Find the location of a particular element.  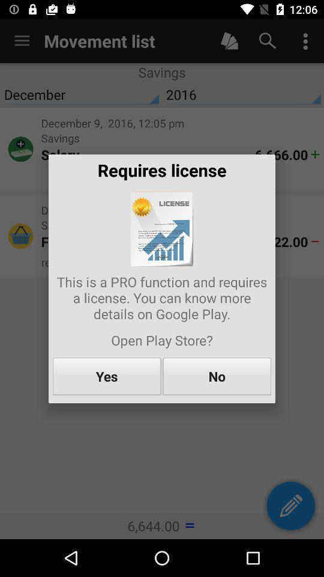

the no on the right is located at coordinates (216, 376).